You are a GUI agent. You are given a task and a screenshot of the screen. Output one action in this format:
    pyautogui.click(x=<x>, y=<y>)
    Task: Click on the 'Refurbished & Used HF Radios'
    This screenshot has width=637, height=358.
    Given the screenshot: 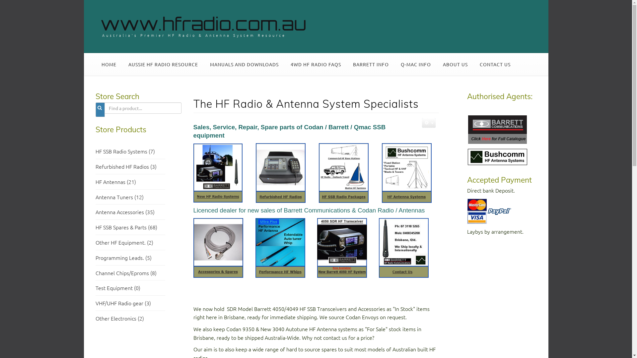 What is the action you would take?
    pyautogui.click(x=280, y=172)
    